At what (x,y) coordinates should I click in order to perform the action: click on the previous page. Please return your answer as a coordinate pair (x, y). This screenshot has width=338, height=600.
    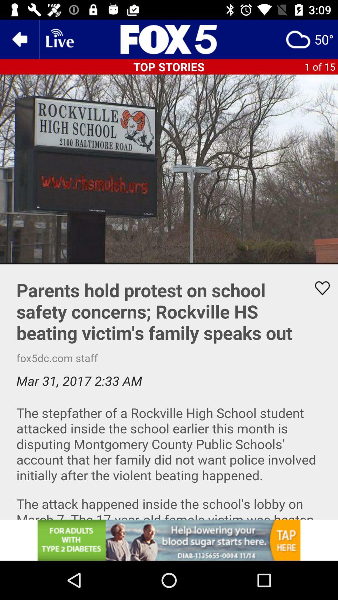
    Looking at the image, I should click on (19, 39).